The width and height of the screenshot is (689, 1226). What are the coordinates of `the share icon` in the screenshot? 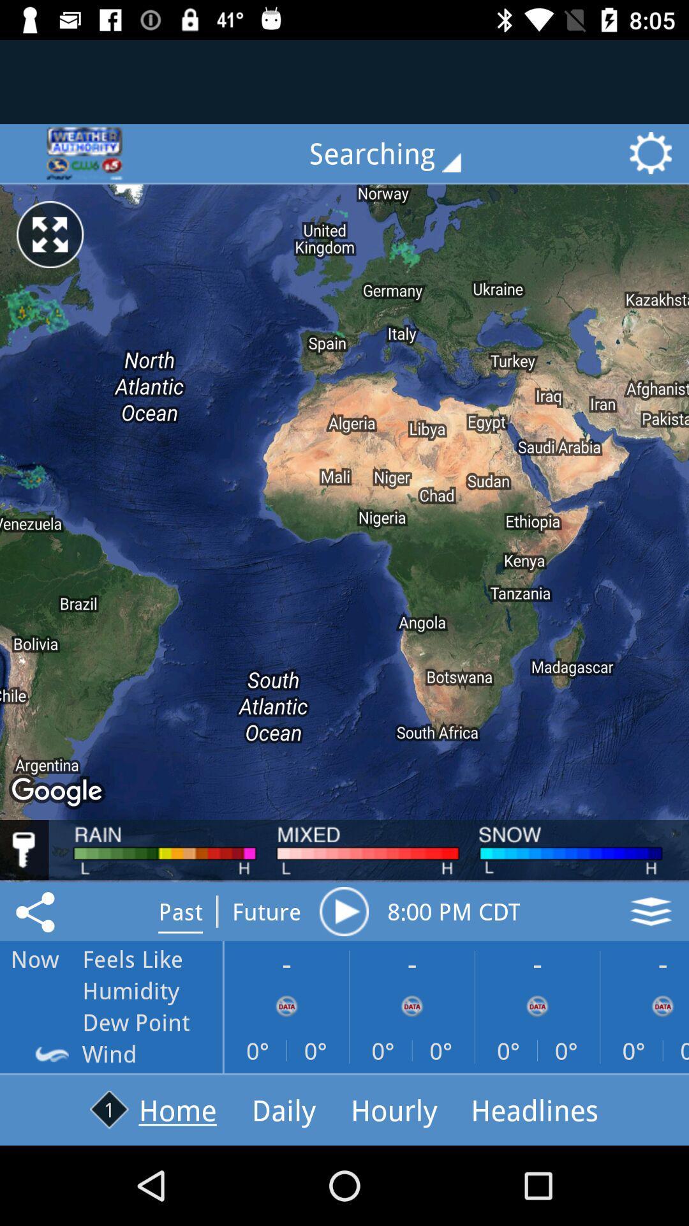 It's located at (37, 911).